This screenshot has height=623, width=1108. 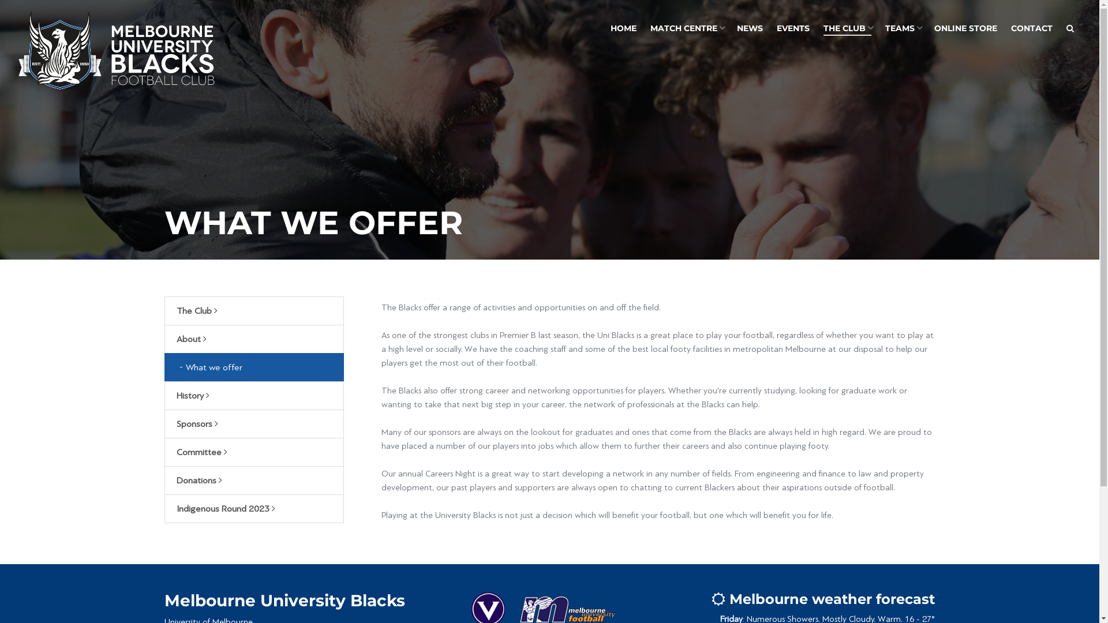 I want to click on 'MATCH CENTRE', so click(x=687, y=28).